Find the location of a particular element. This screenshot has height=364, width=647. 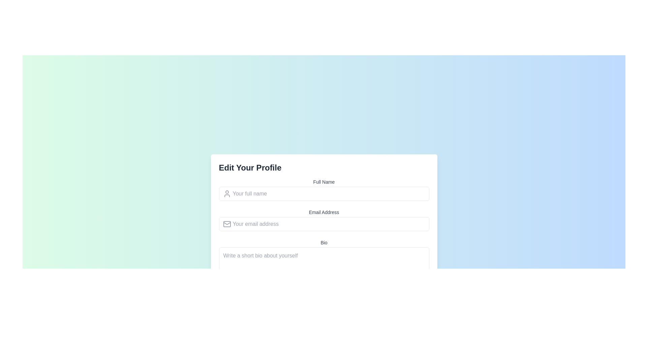

the static text header reading 'Edit Your Profile', which is a bold, large-sized heading at the top of the form section is located at coordinates (250, 167).